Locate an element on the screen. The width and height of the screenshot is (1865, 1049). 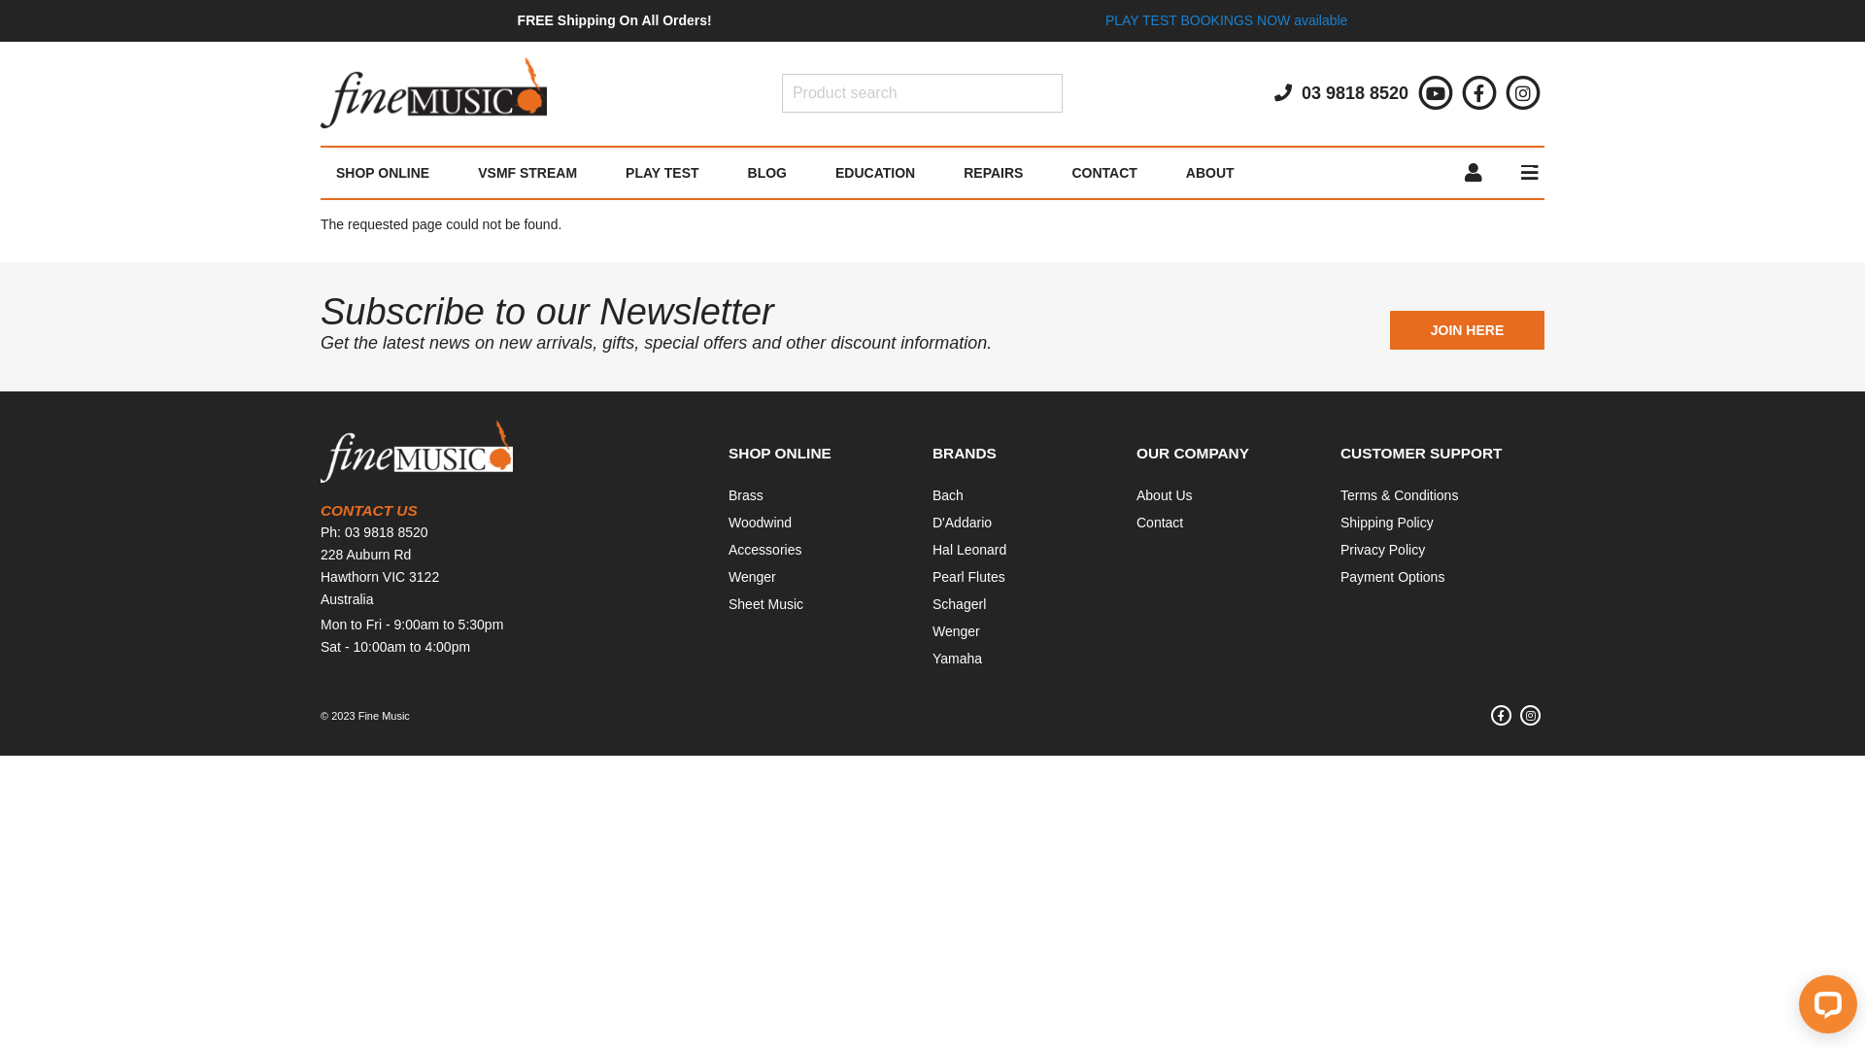
'Contact' is located at coordinates (1160, 521).